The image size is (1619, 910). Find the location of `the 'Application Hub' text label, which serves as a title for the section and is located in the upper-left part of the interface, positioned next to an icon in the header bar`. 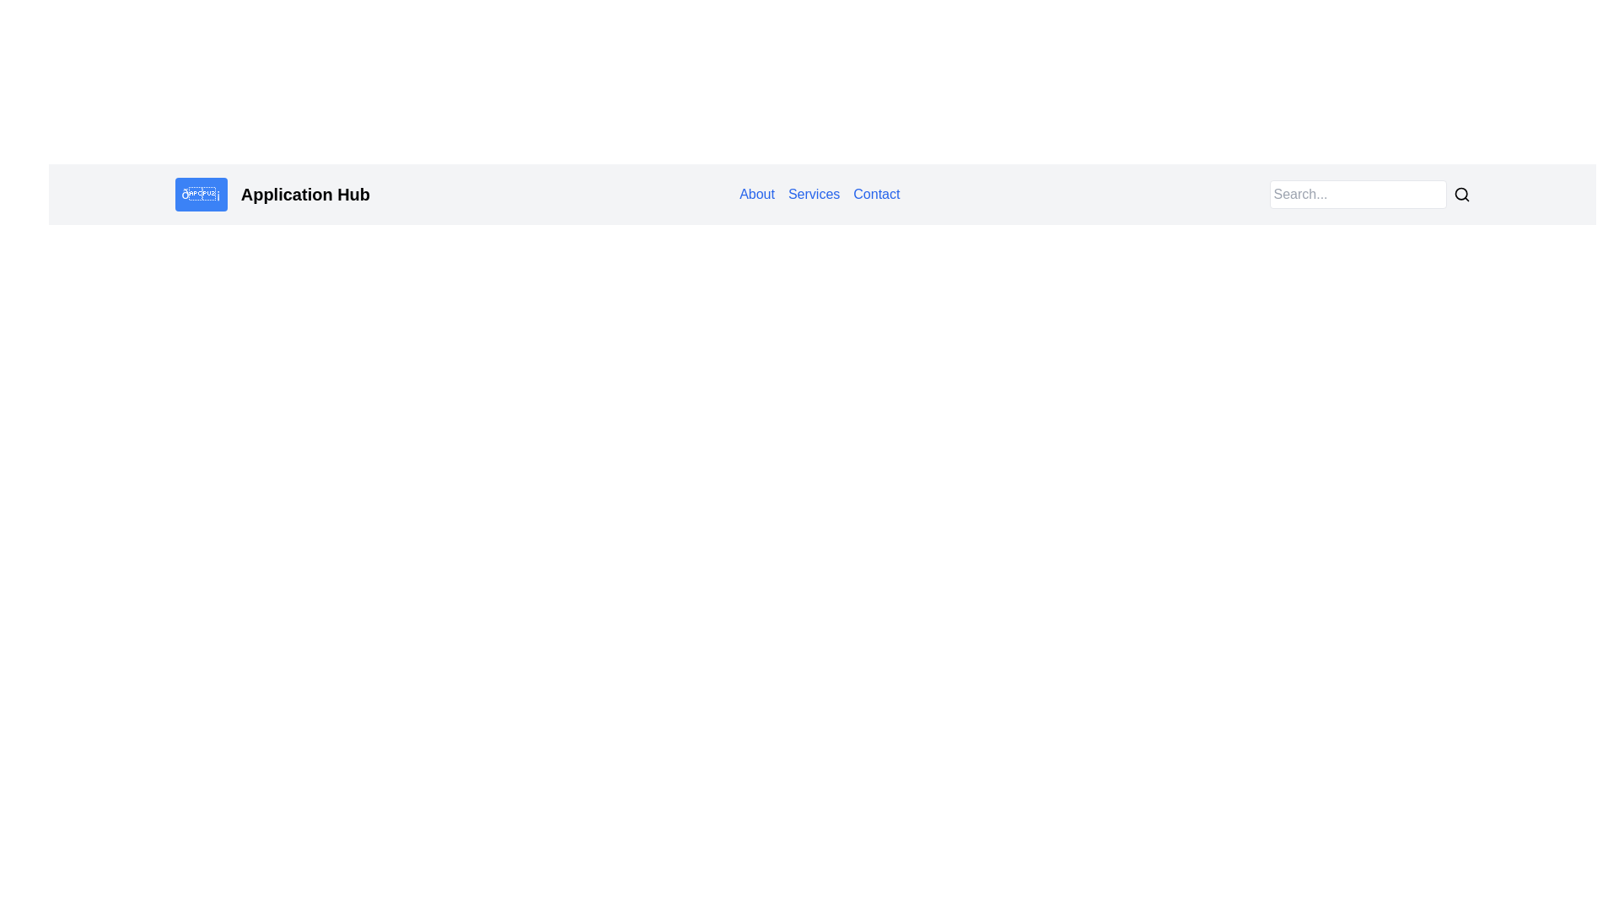

the 'Application Hub' text label, which serves as a title for the section and is located in the upper-left part of the interface, positioned next to an icon in the header bar is located at coordinates (305, 194).